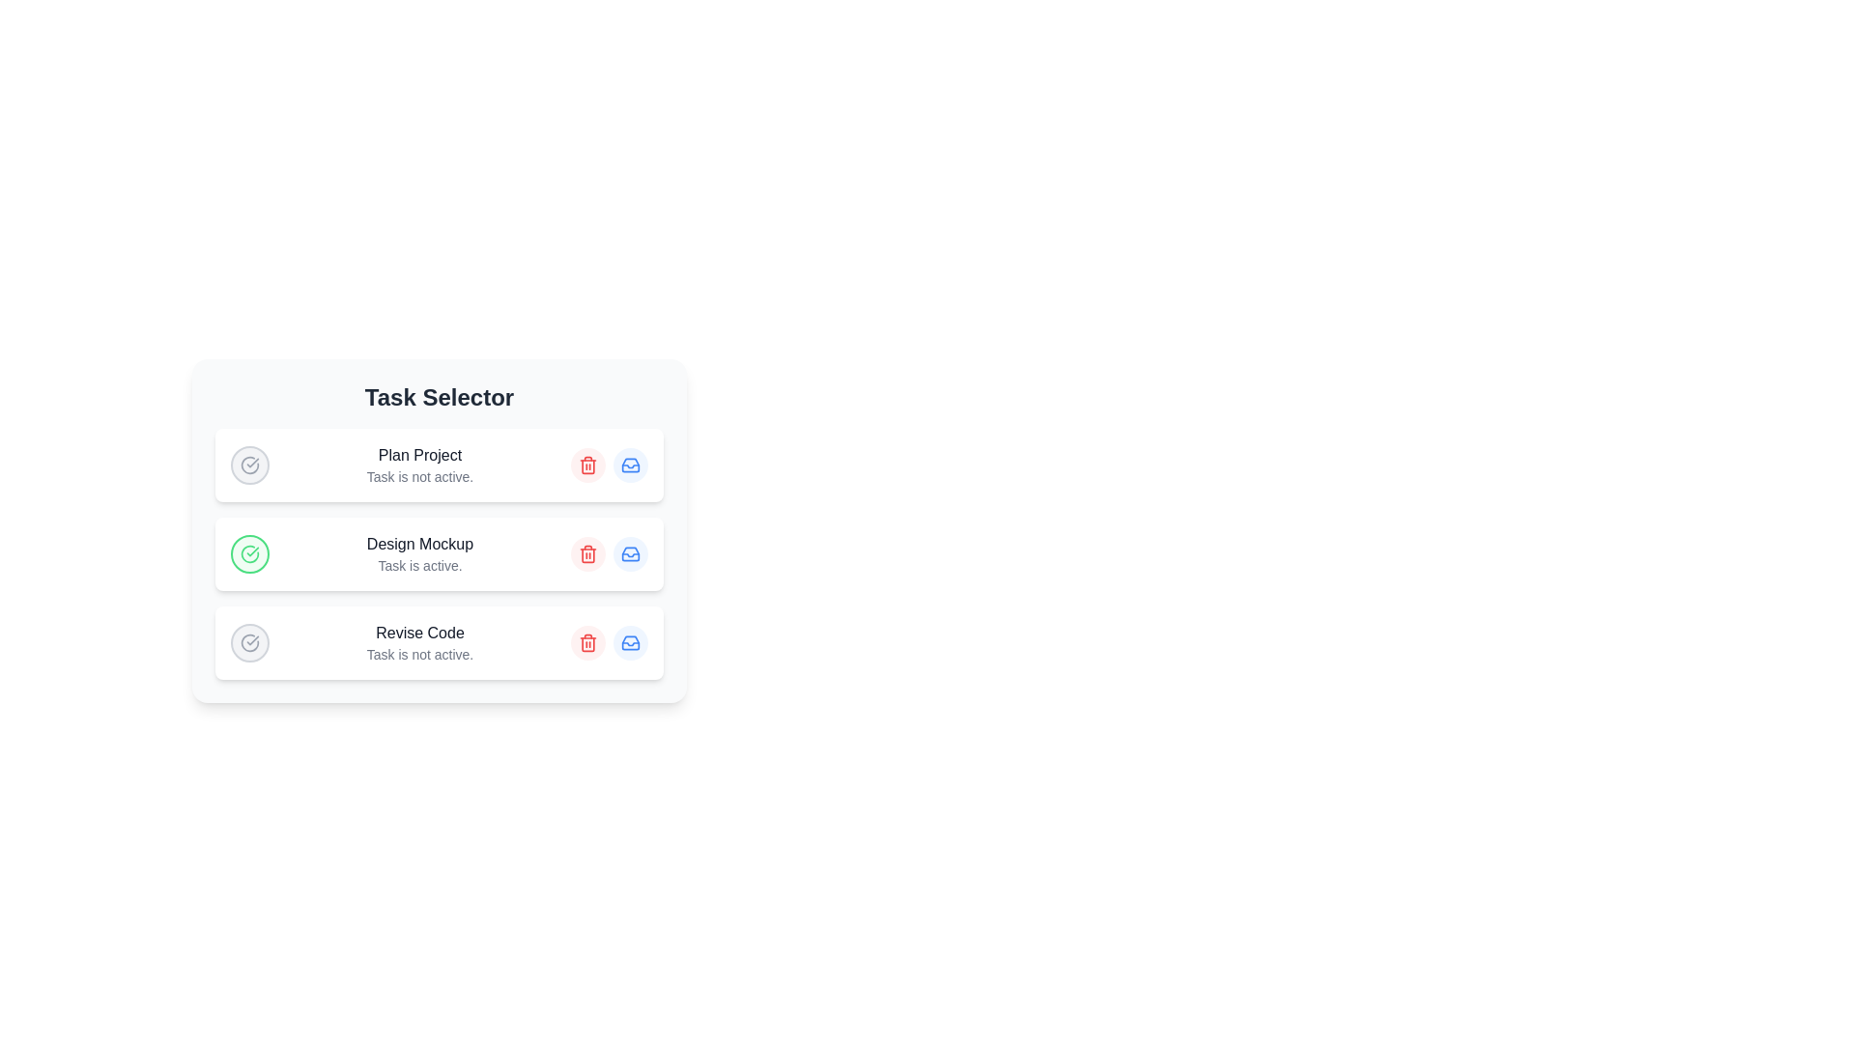  What do you see at coordinates (419, 465) in the screenshot?
I see `the informational text block that provides details about the task 'Plan Project' and its status 'Task is not active.' located in the first card of the task items list` at bounding box center [419, 465].